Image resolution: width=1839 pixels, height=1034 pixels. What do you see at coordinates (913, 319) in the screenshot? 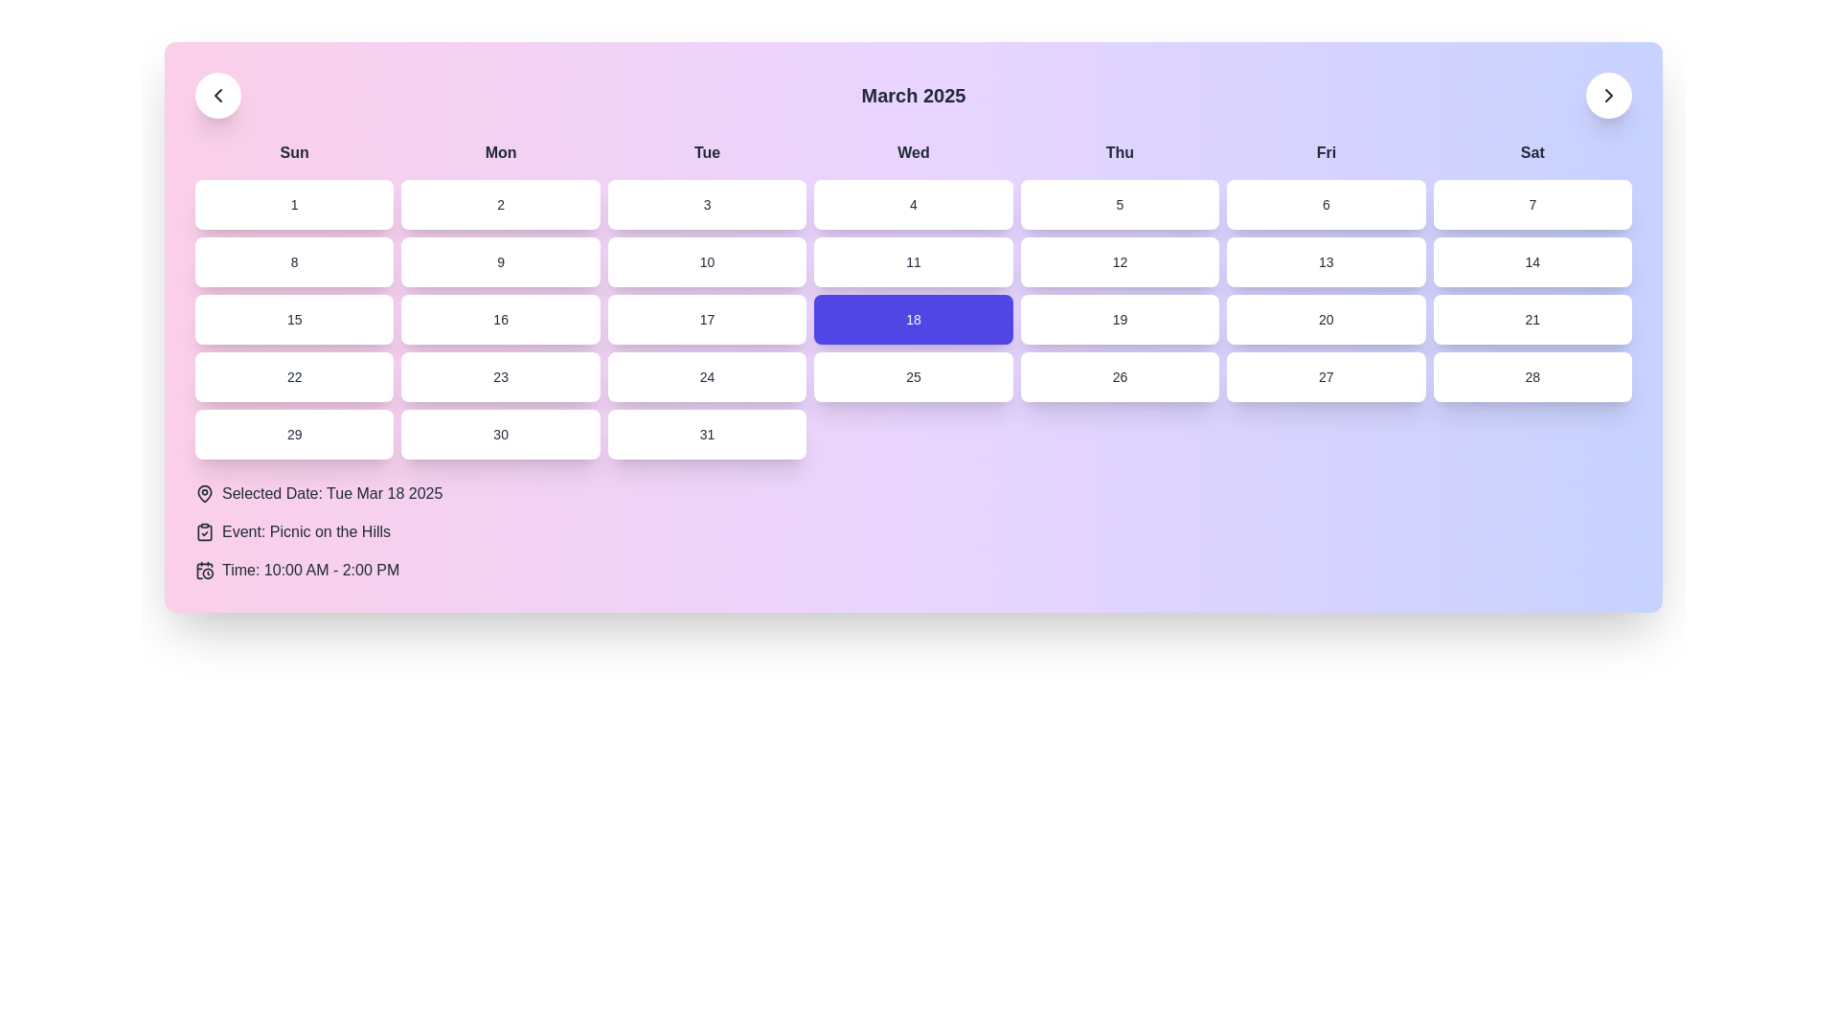
I see `the button representing the selectable date 'March 18, 2025', located in the 4th column of the 3rd row of the calendar grid` at bounding box center [913, 319].